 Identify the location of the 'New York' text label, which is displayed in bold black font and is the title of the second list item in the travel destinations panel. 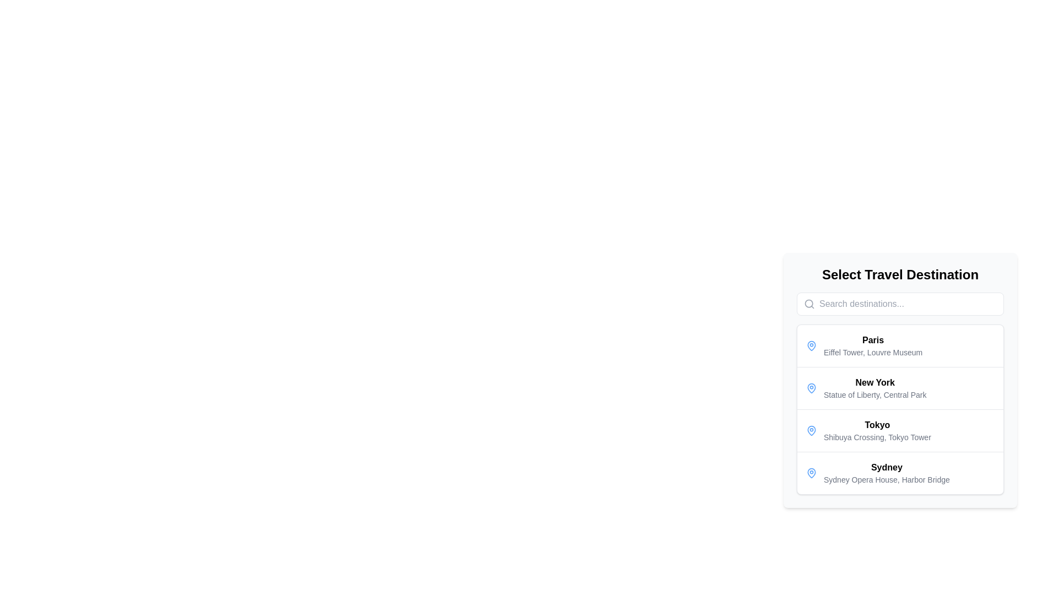
(875, 382).